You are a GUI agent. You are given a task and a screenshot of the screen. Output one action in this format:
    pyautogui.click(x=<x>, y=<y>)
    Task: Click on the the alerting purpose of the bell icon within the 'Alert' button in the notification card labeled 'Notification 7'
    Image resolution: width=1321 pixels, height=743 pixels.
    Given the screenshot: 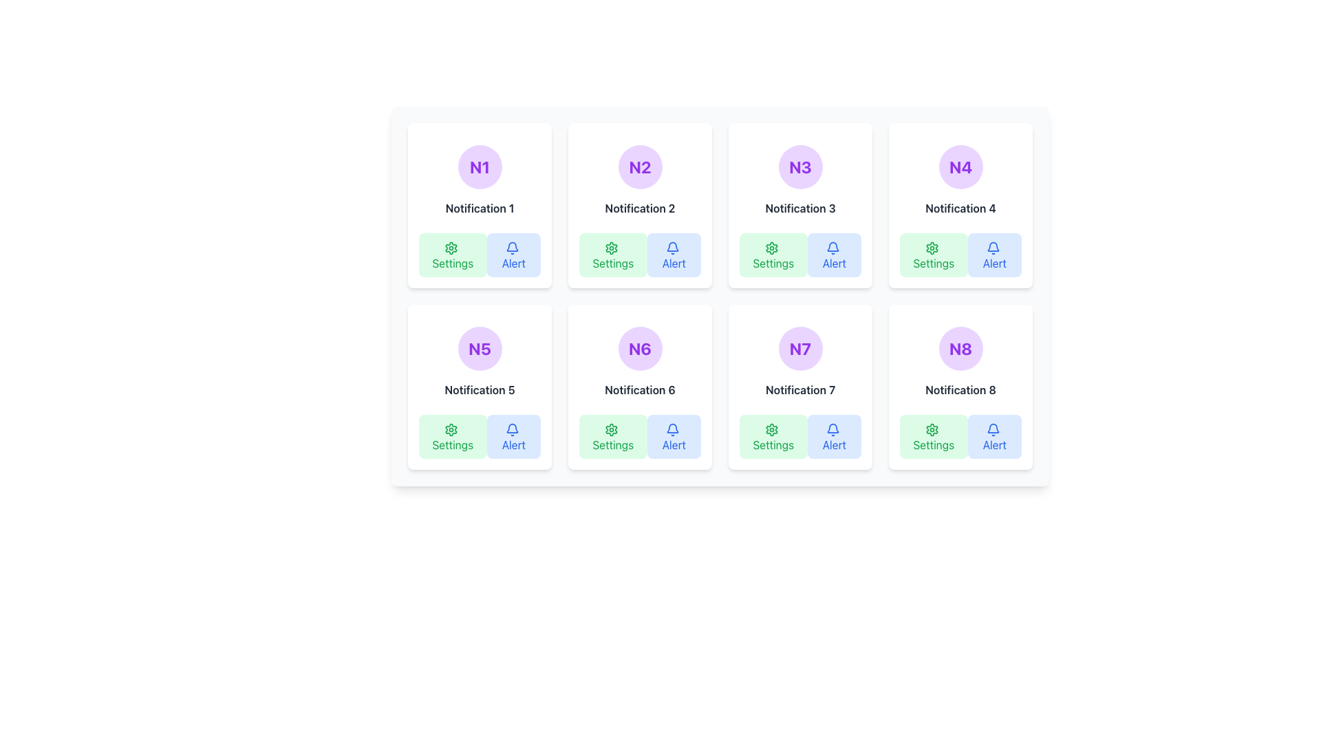 What is the action you would take?
    pyautogui.click(x=832, y=427)
    